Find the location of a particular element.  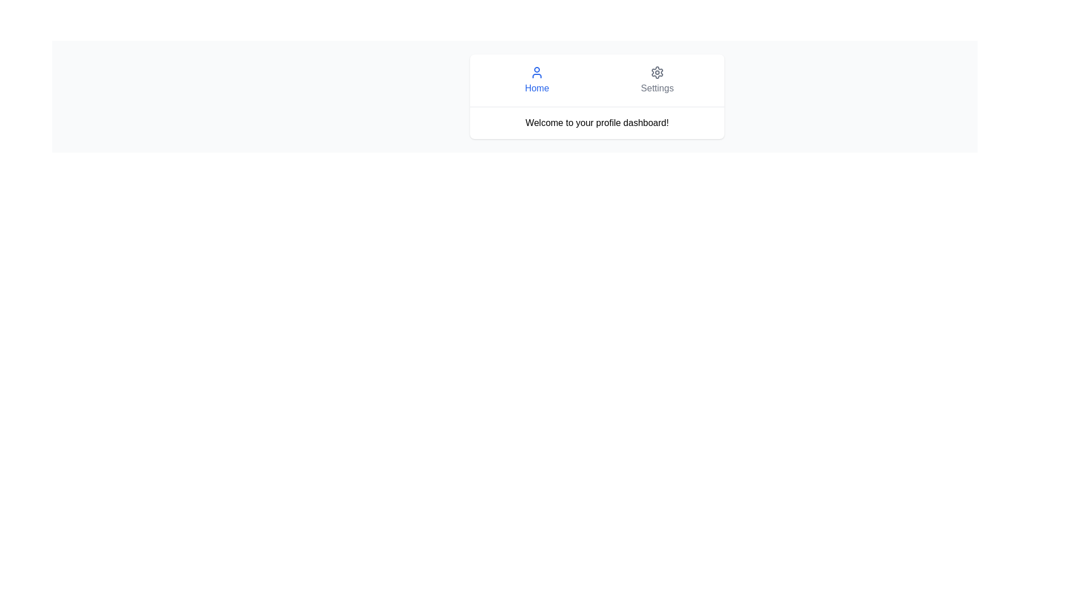

text from the label indicating a settings functionality for user account or application preferences, positioned to the right of the 'Home' text button is located at coordinates (657, 87).